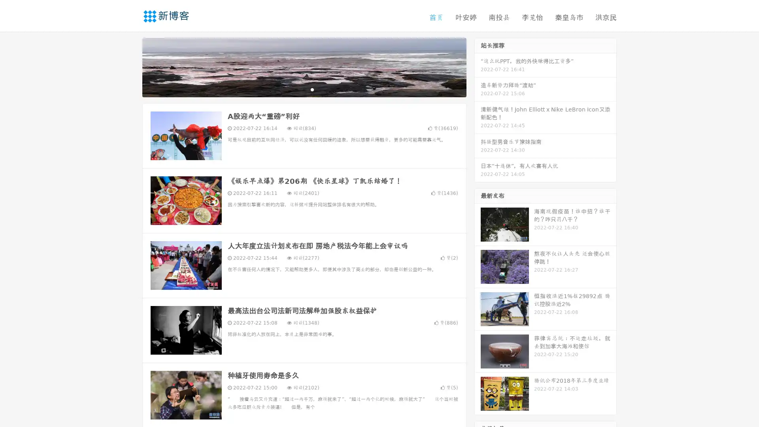 Image resolution: width=759 pixels, height=427 pixels. I want to click on Previous slide, so click(130, 66).